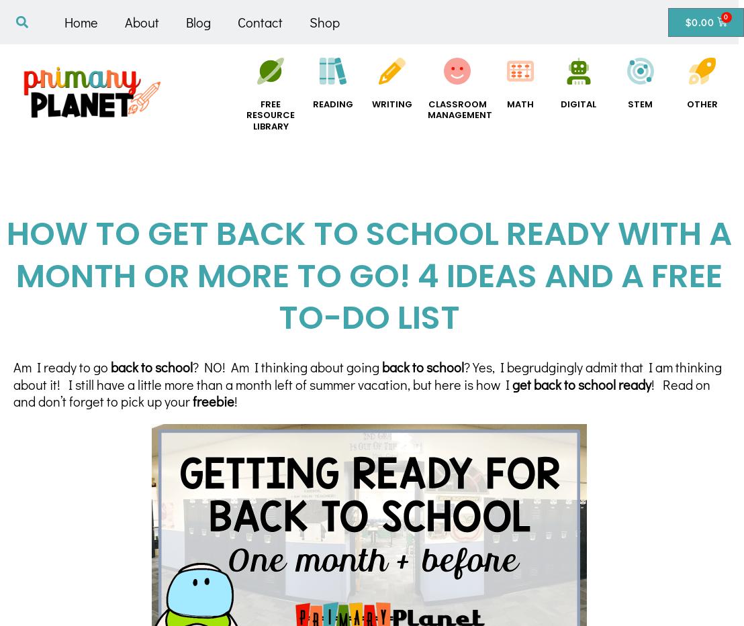 Image resolution: width=744 pixels, height=626 pixels. What do you see at coordinates (372, 103) in the screenshot?
I see `'Writing'` at bounding box center [372, 103].